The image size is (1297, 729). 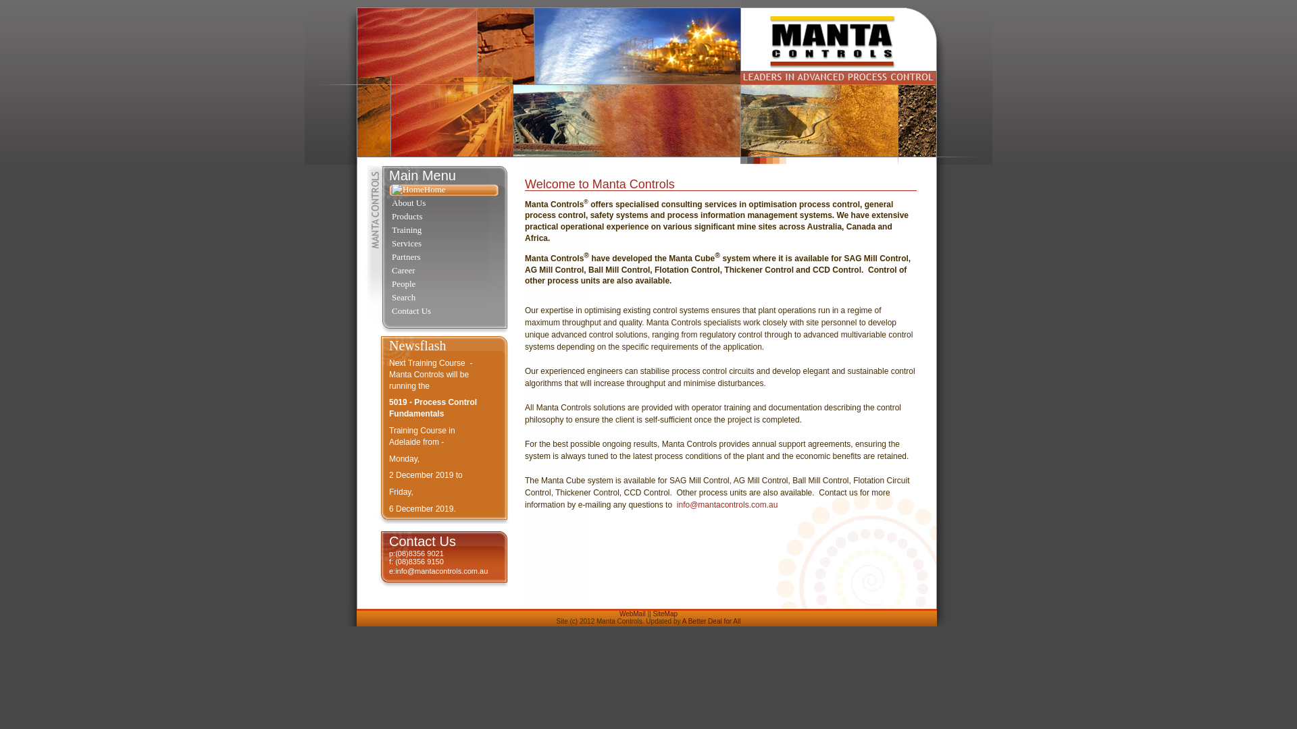 I want to click on 'Contact Us', so click(x=444, y=312).